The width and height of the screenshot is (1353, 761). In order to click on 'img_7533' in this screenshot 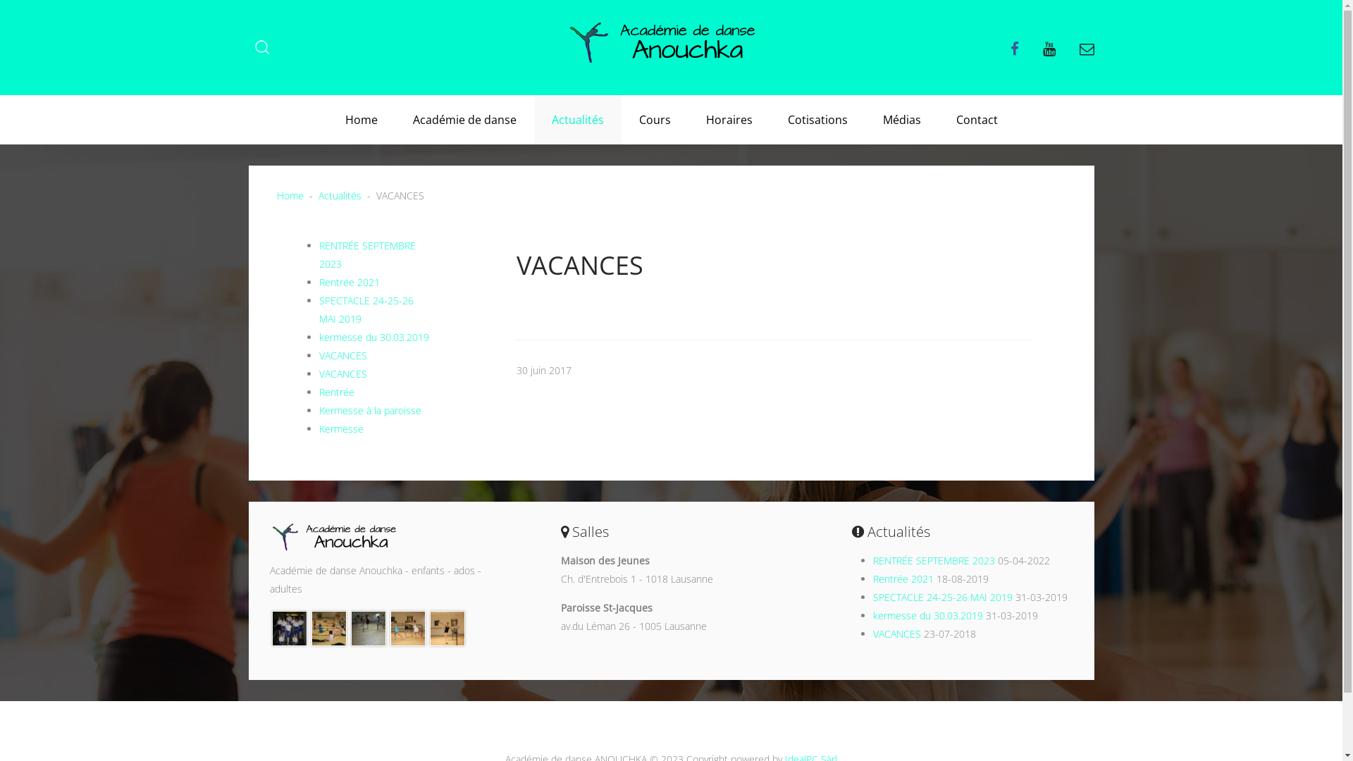, I will do `click(407, 626)`.